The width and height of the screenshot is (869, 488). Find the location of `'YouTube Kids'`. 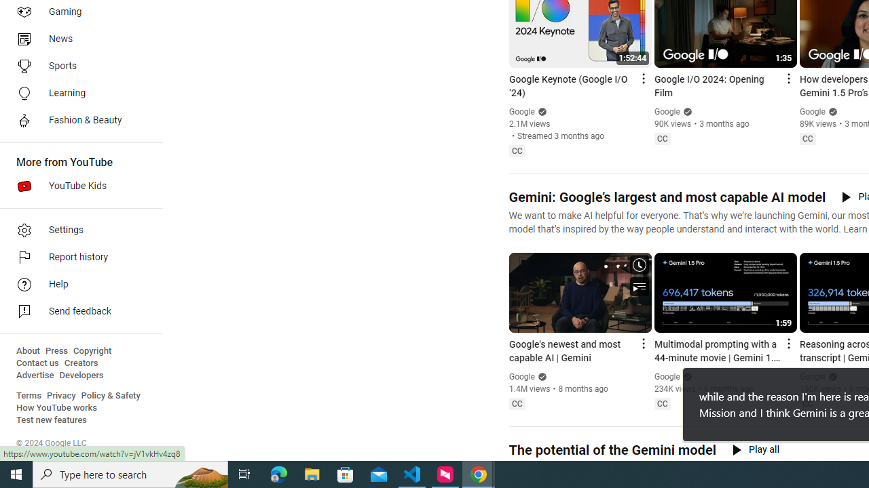

'YouTube Kids' is located at coordinates (76, 186).